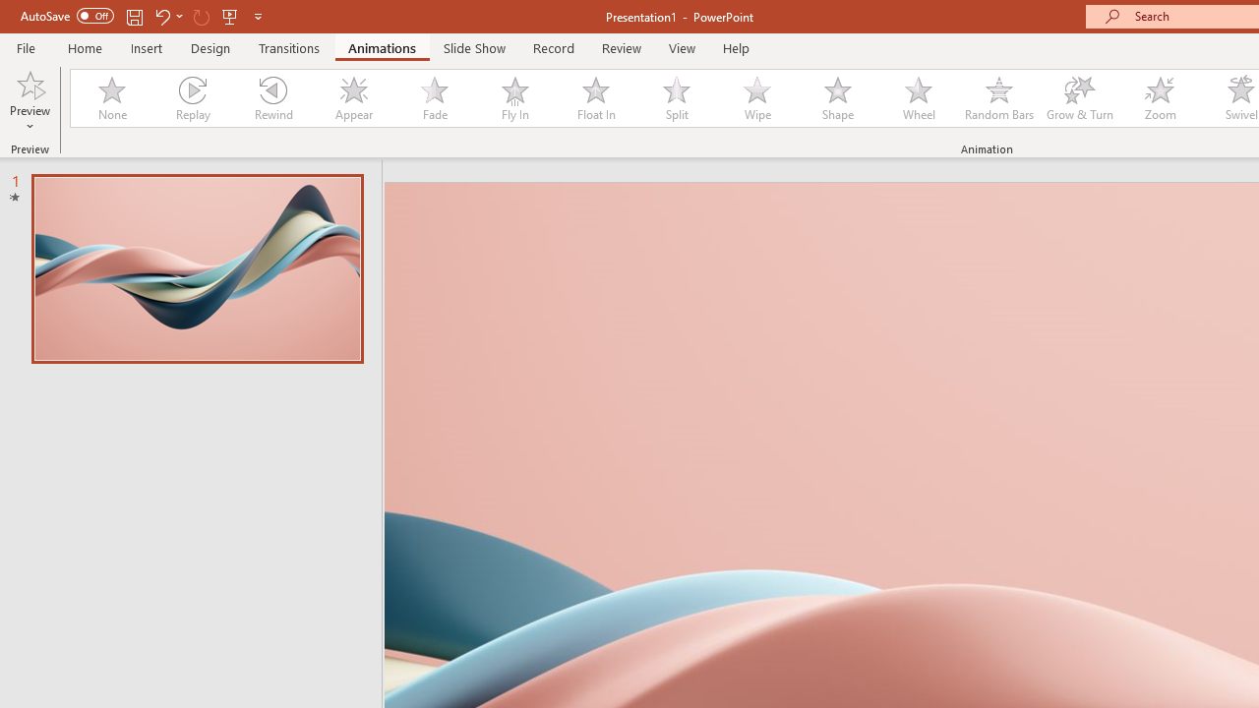 This screenshot has width=1259, height=708. I want to click on 'Fly In', so click(514, 98).